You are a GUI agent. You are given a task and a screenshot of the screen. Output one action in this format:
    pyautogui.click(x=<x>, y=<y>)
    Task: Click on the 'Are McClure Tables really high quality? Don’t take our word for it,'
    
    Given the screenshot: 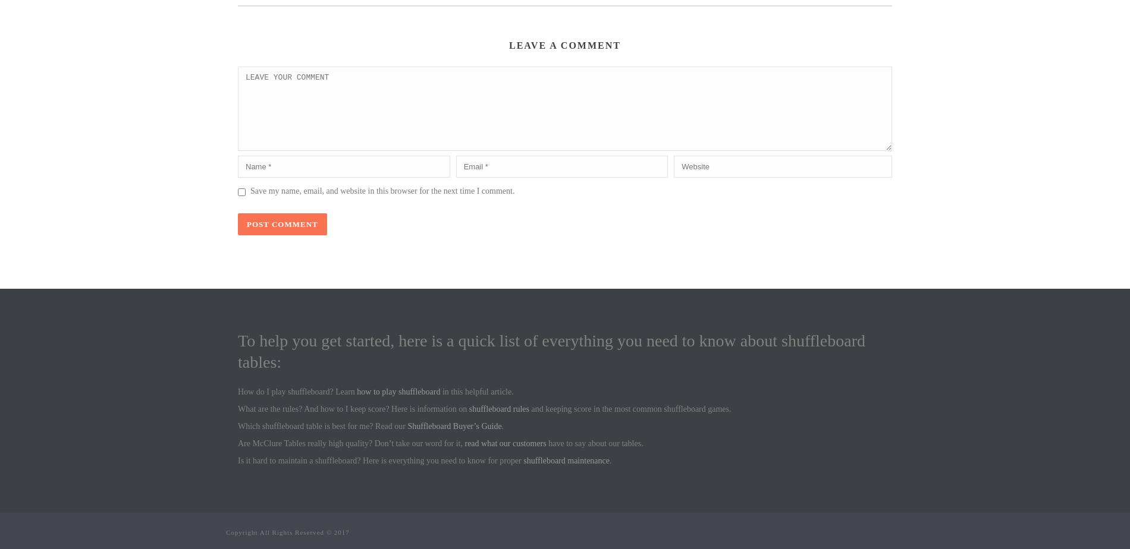 What is the action you would take?
    pyautogui.click(x=351, y=443)
    